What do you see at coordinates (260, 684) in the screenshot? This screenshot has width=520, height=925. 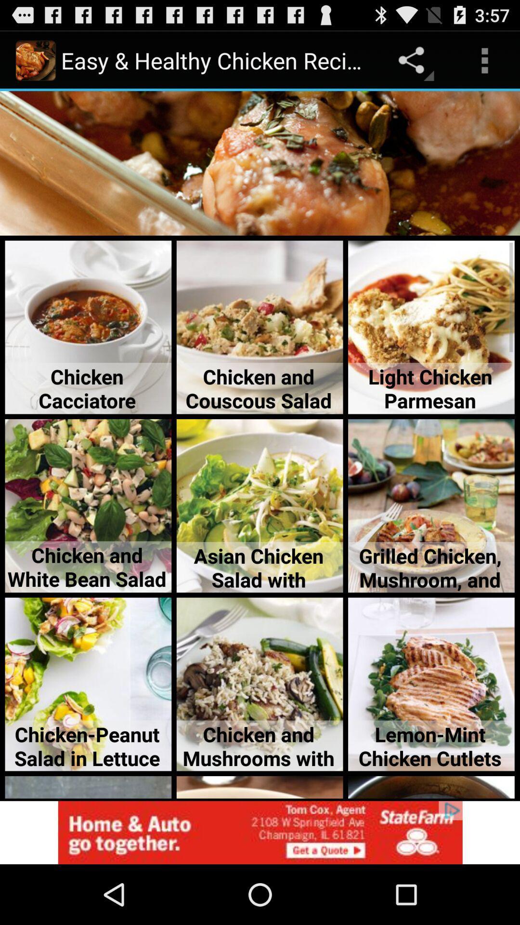 I see `the text image chicken and mushrooms with` at bounding box center [260, 684].